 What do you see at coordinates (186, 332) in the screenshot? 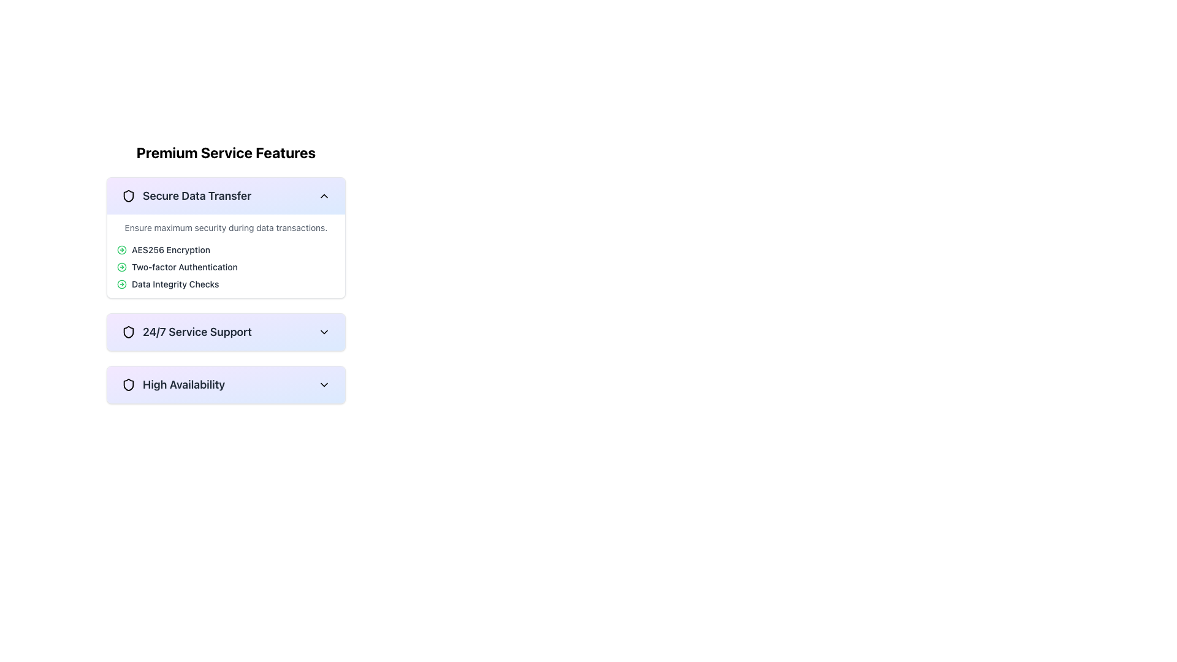
I see `the '24/7 Service Support' text in the Collapsible Section Header` at bounding box center [186, 332].